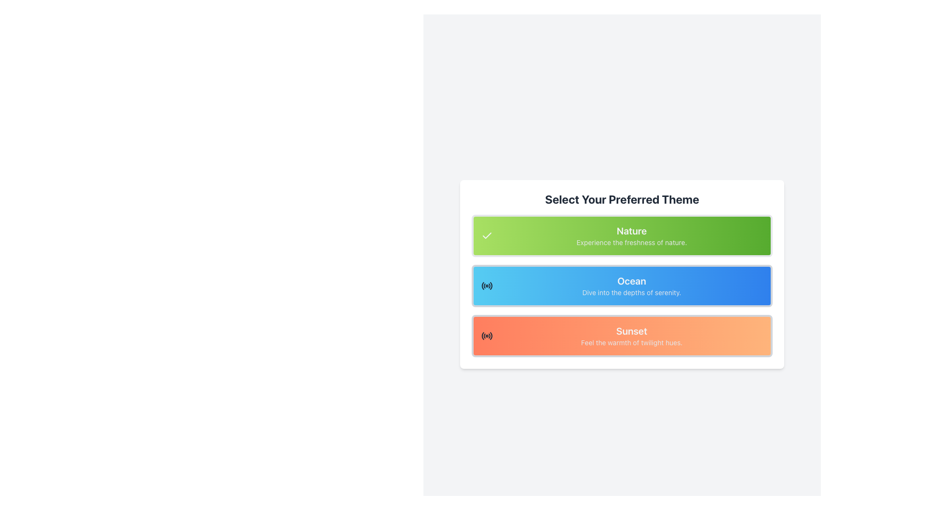 The height and width of the screenshot is (520, 926). Describe the element at coordinates (622, 336) in the screenshot. I see `the 'Sunset' button with a gradient background, which is the third element in a vertical list, to trigger hover-related effects` at that location.